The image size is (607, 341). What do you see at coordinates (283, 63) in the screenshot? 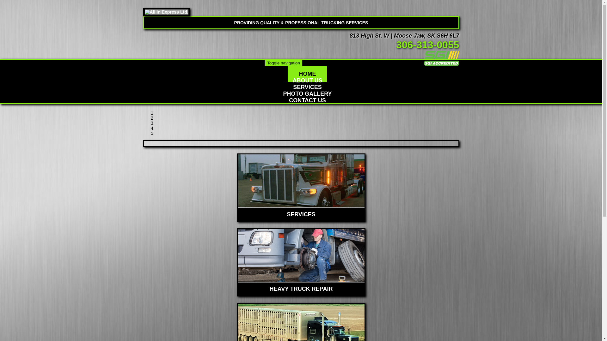
I see `'Toggle navigation'` at bounding box center [283, 63].